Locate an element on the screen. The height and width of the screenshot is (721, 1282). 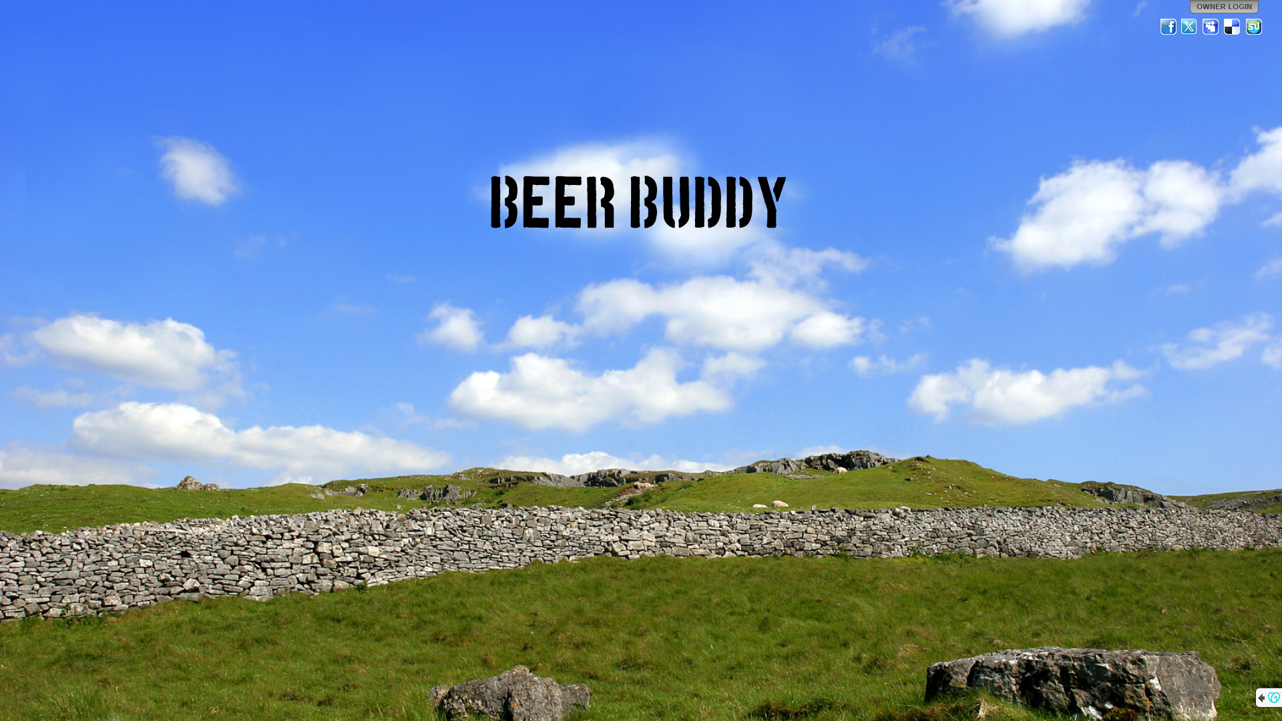
'Facebook' is located at coordinates (1158, 26).